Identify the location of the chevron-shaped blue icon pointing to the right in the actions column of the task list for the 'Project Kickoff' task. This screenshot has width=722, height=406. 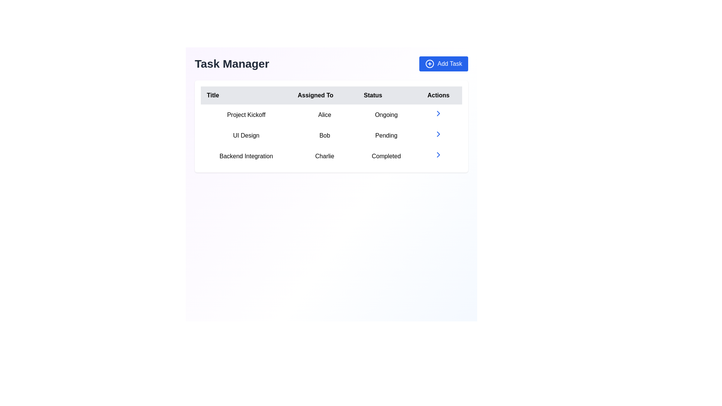
(438, 113).